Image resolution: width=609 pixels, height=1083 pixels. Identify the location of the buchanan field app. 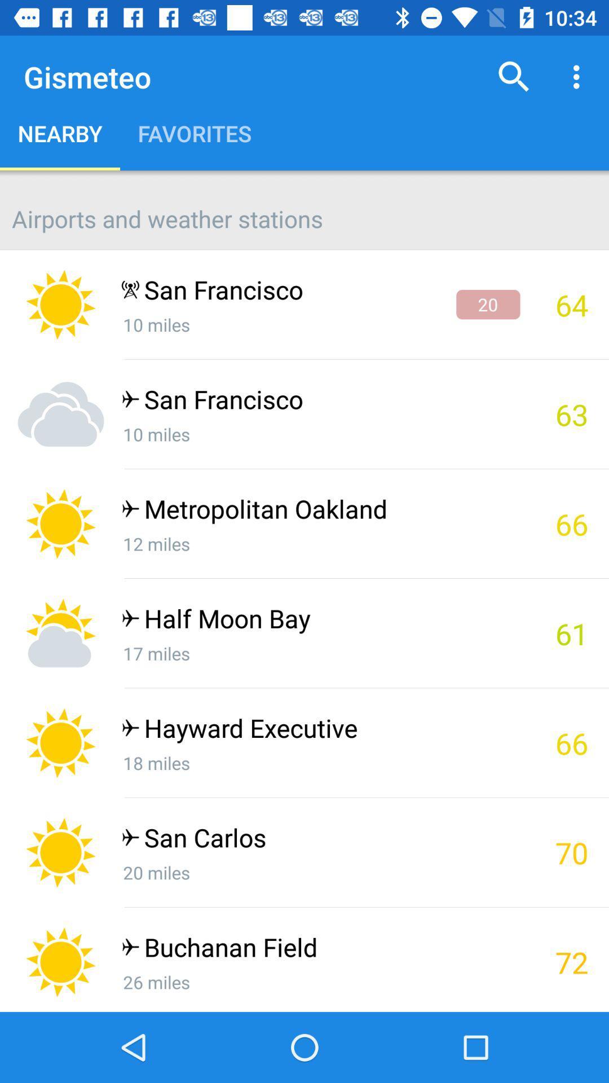
(320, 949).